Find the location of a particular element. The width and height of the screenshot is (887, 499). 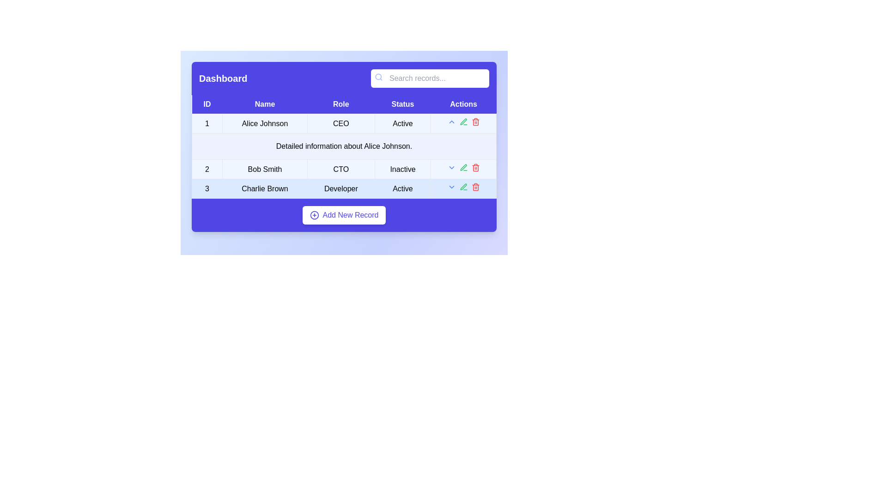

the small green icon button resembling a pen in the 'Actions' column of the first row associated with 'Alice Johnson' is located at coordinates (463, 121).